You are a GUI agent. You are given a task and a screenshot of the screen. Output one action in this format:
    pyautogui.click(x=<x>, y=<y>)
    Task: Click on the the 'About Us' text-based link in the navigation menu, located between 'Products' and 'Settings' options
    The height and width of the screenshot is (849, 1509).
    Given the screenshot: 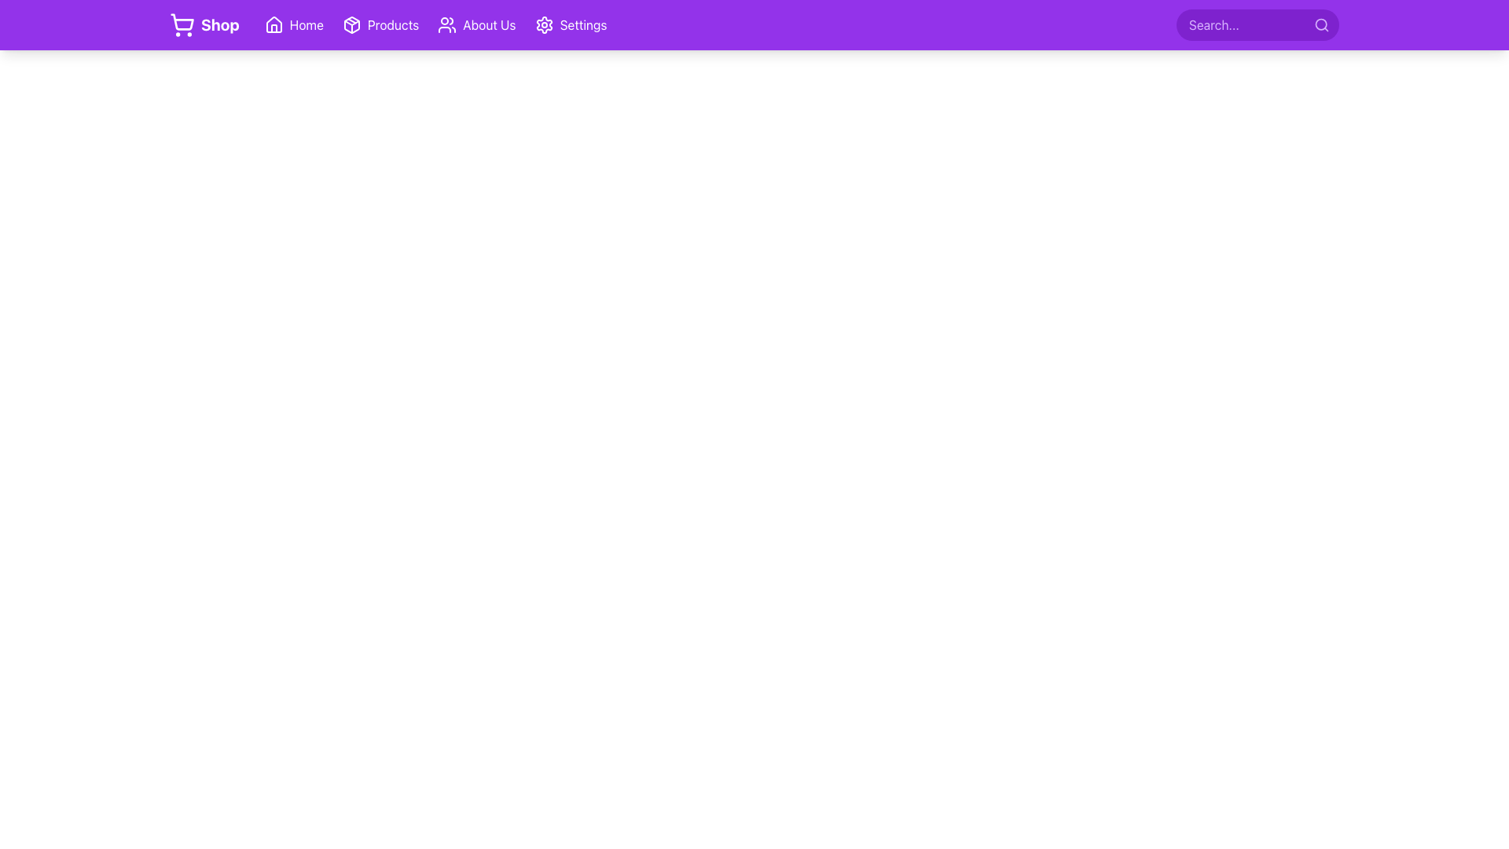 What is the action you would take?
    pyautogui.click(x=488, y=24)
    